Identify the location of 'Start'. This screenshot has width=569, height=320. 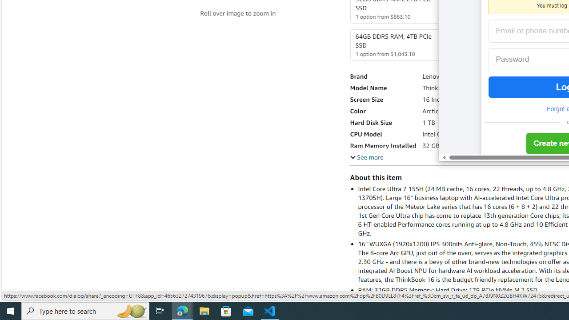
(11, 310).